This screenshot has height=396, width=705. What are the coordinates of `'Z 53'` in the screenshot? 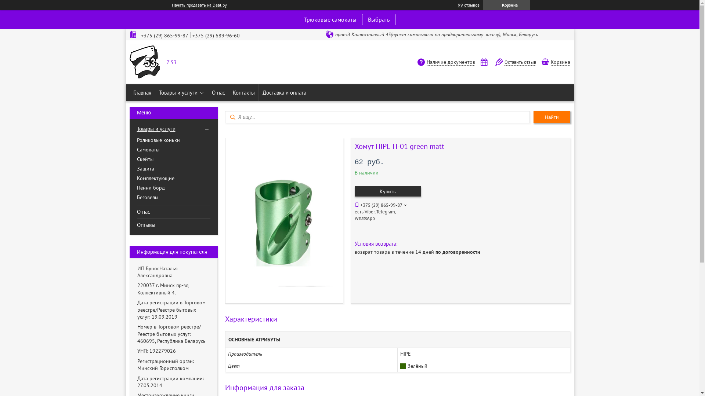 It's located at (144, 62).